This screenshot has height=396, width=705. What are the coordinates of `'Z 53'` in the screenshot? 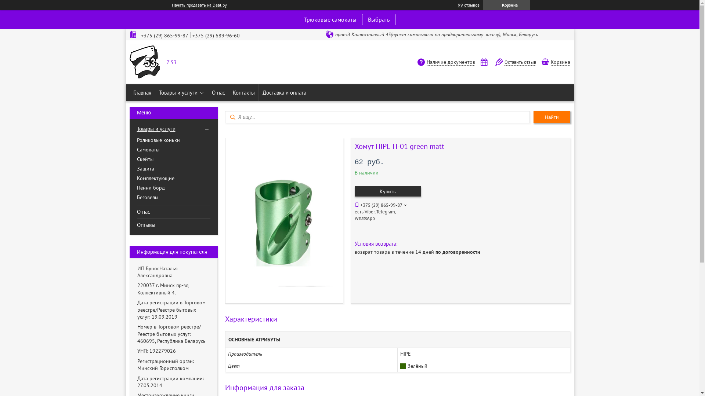 It's located at (144, 62).